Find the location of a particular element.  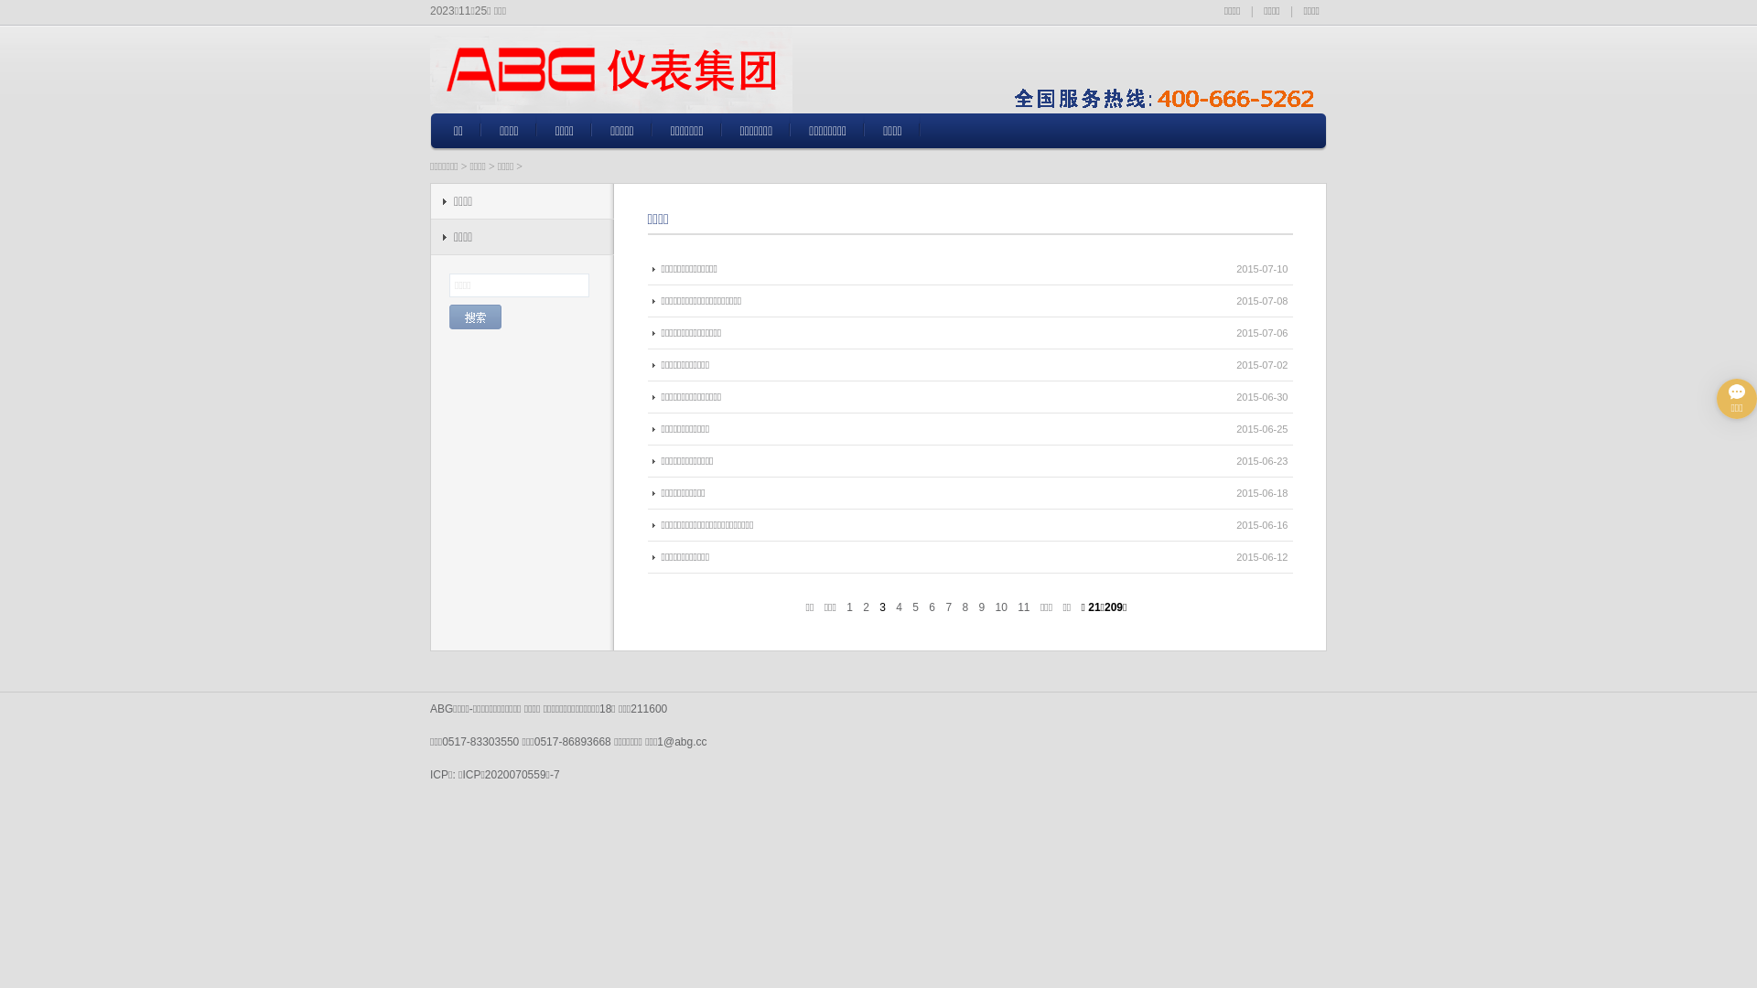

'9' is located at coordinates (977, 607).